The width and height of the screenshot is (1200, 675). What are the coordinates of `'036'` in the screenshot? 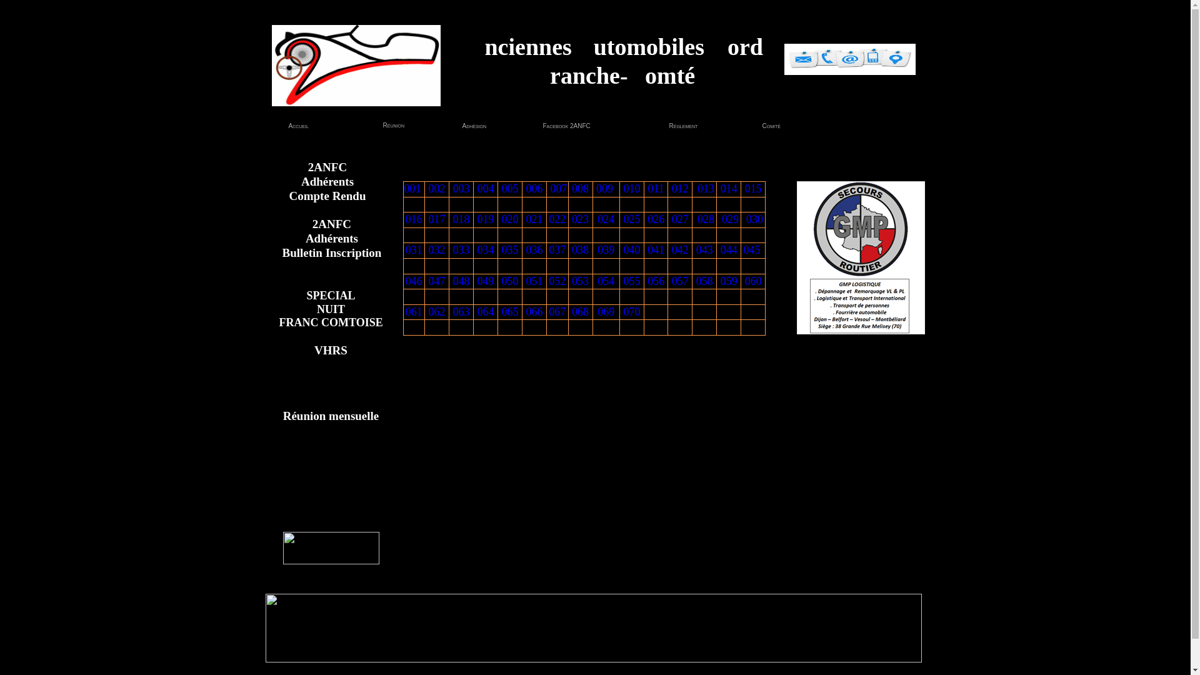 It's located at (526, 250).